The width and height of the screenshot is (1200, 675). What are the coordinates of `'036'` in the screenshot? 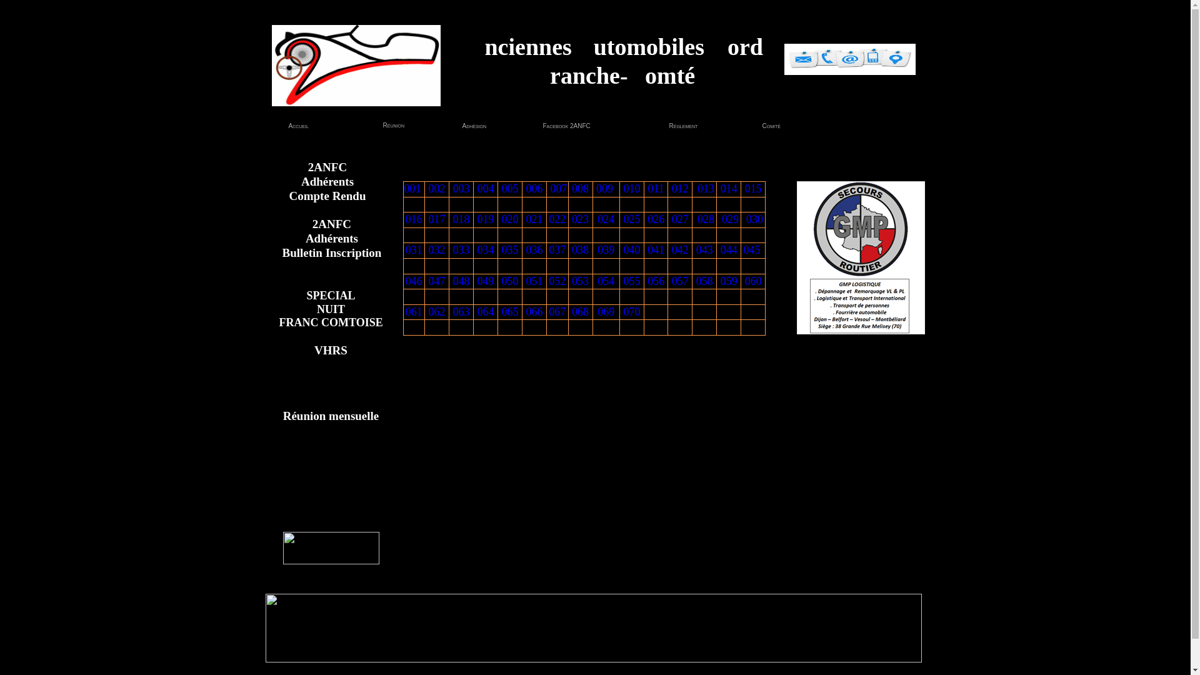 It's located at (526, 250).